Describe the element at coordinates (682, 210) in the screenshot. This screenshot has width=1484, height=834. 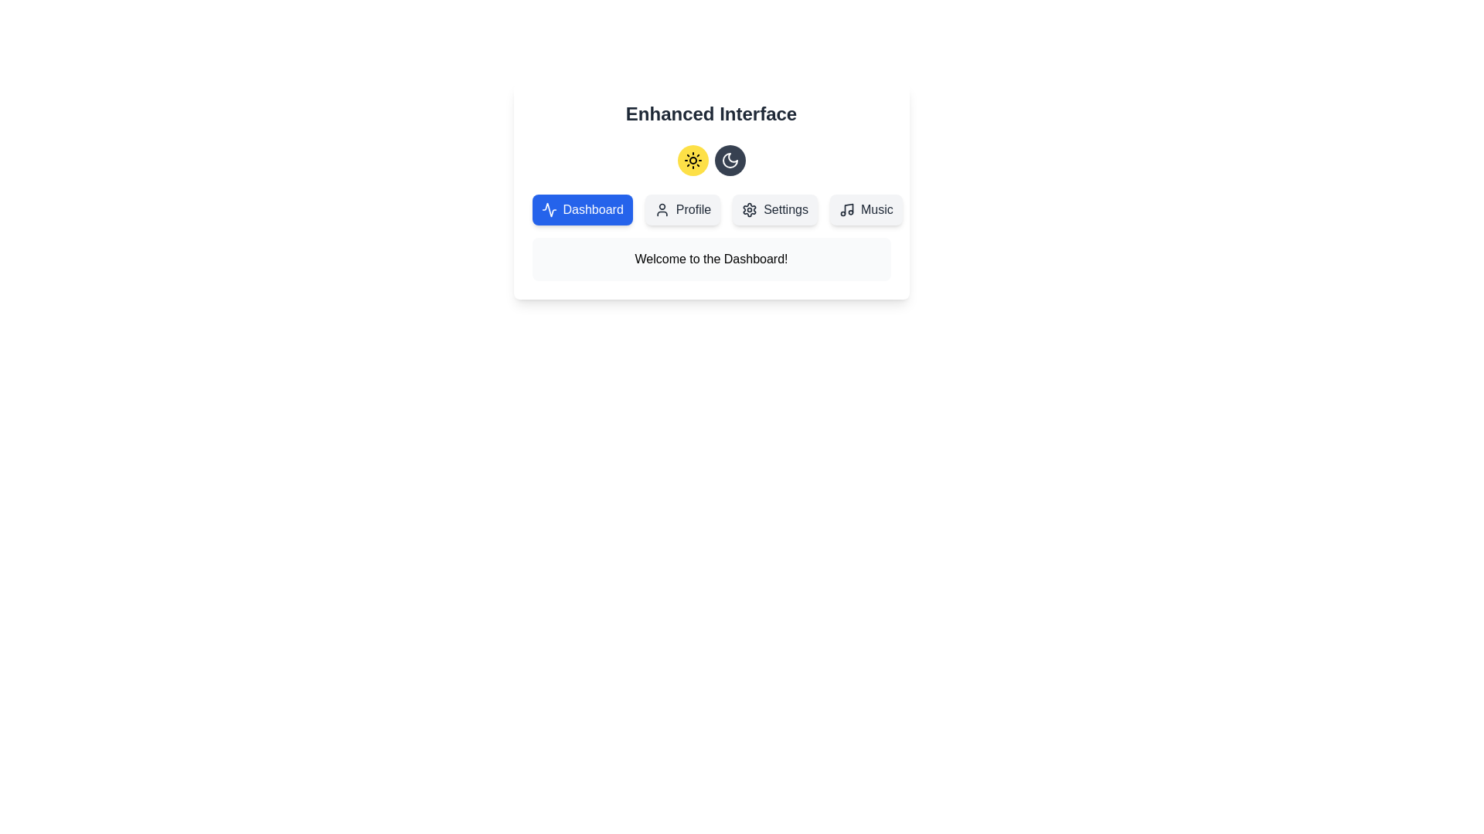
I see `the 'Profile' button, which is the second button in the row of options below the header section` at that location.